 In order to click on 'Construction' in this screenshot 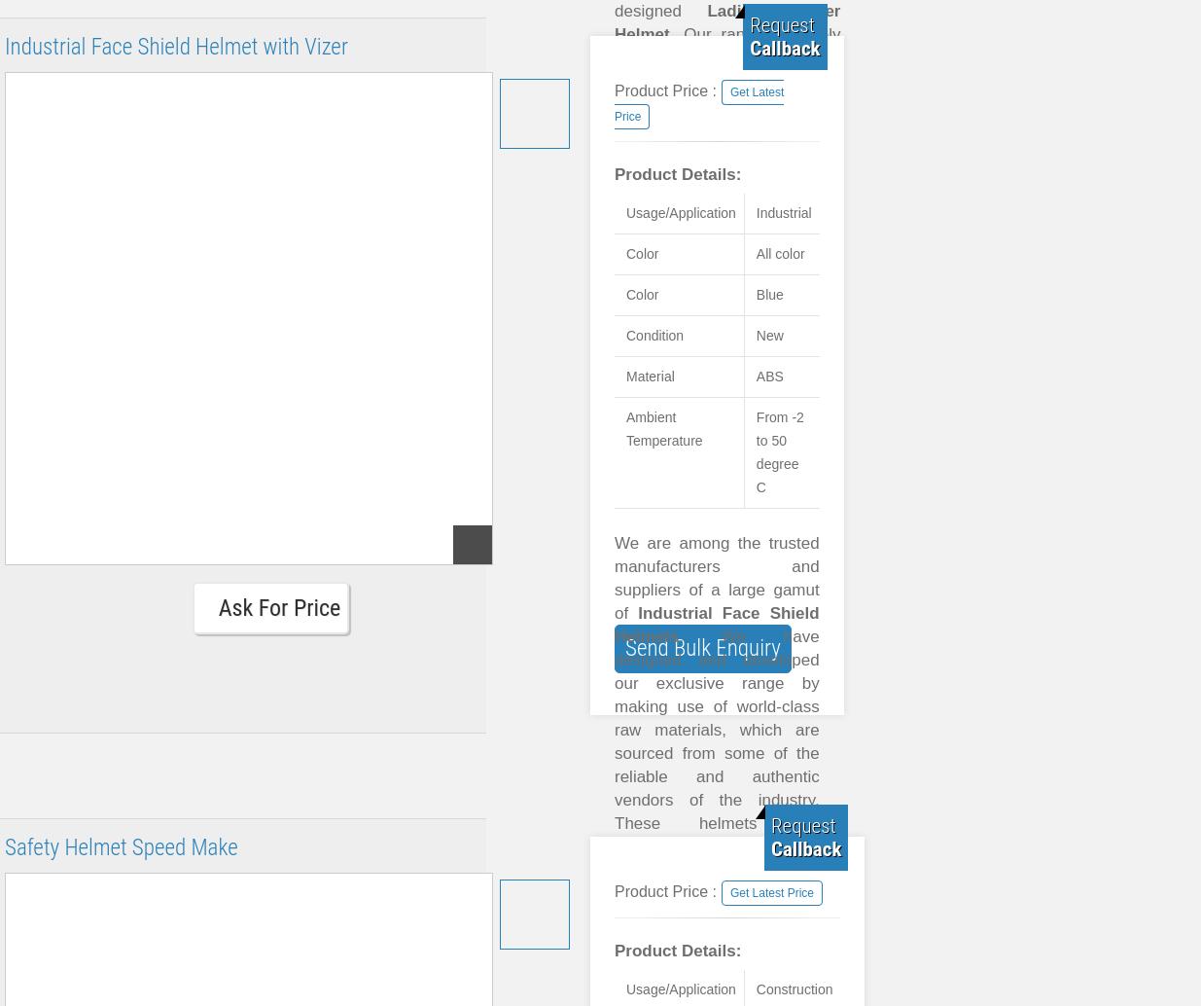, I will do `click(794, 988)`.